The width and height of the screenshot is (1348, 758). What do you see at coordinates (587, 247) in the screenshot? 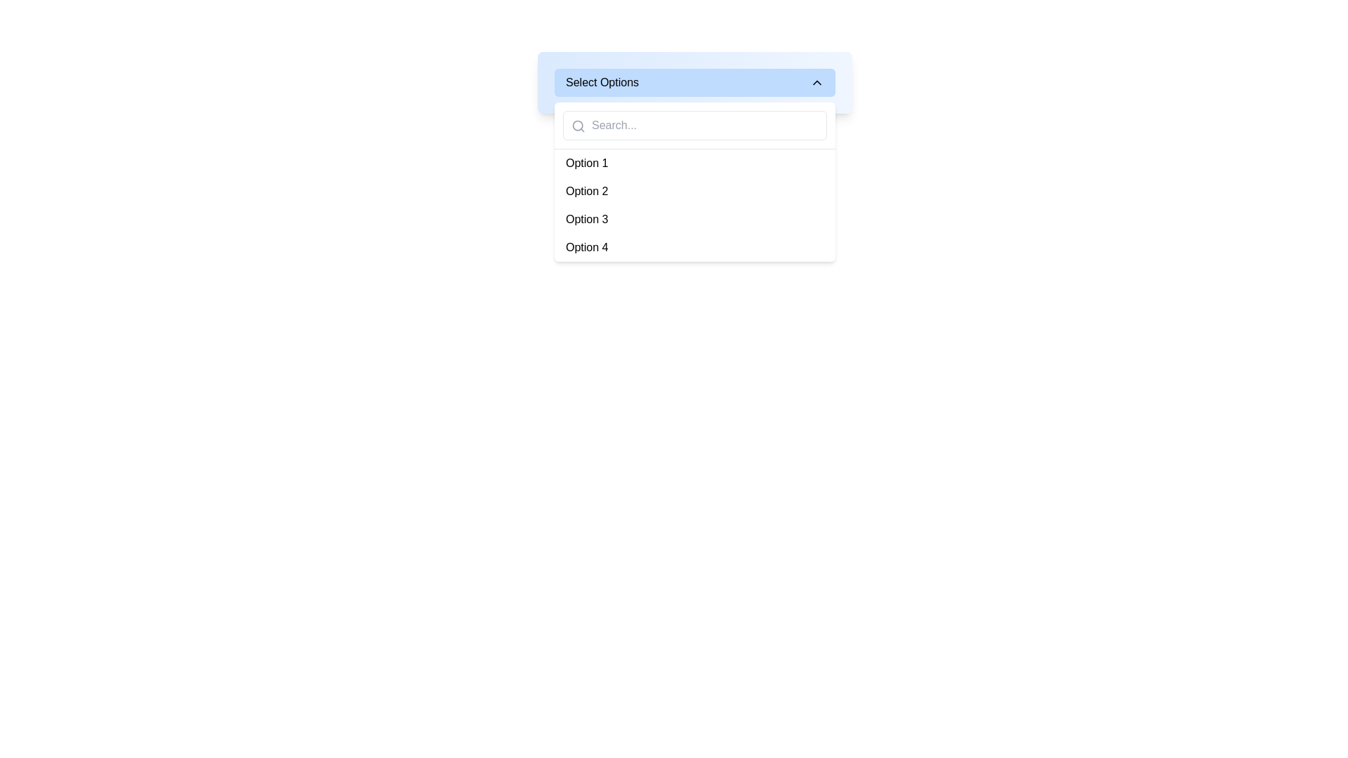
I see `the fourth item in the dropdown list` at bounding box center [587, 247].